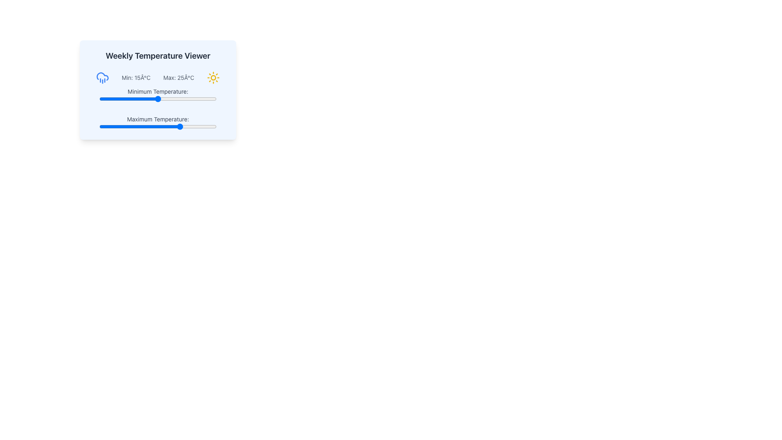 The image size is (782, 440). Describe the element at coordinates (125, 99) in the screenshot. I see `the minimum temperature` at that location.